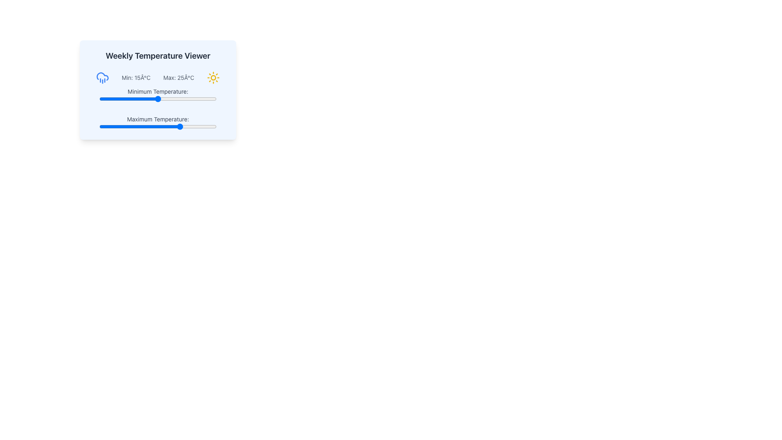 The image size is (782, 440). Describe the element at coordinates (125, 99) in the screenshot. I see `the minimum temperature` at that location.